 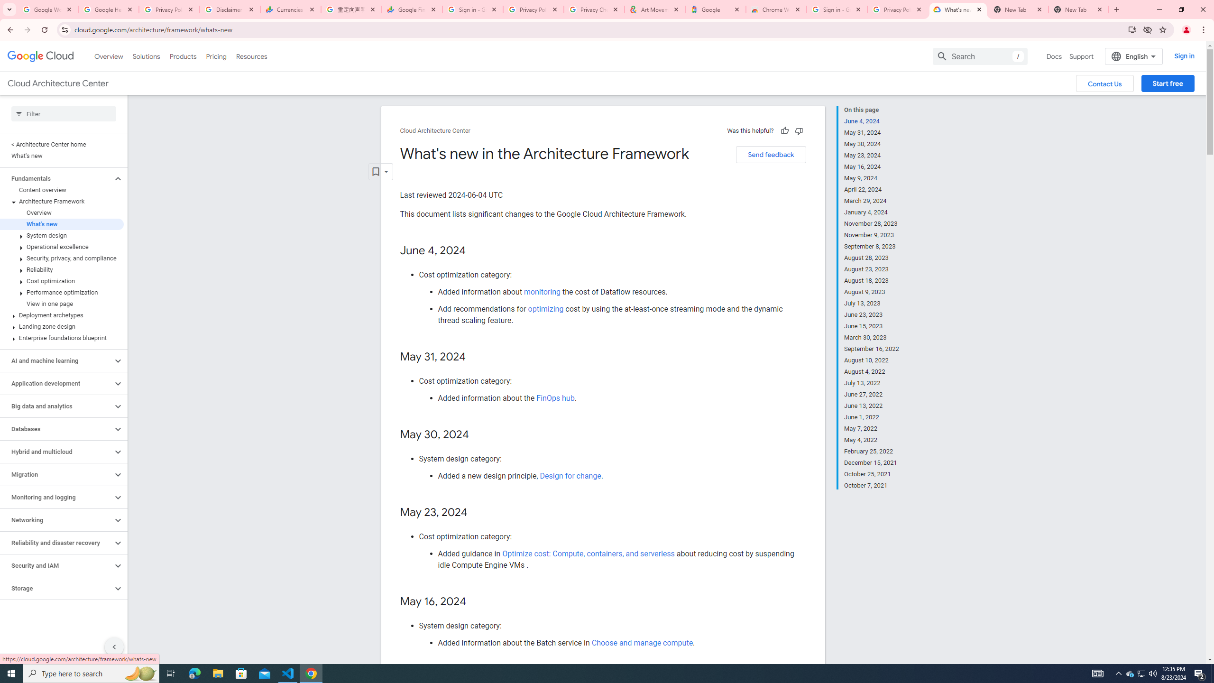 I want to click on 'March 30, 2023', so click(x=872, y=338).